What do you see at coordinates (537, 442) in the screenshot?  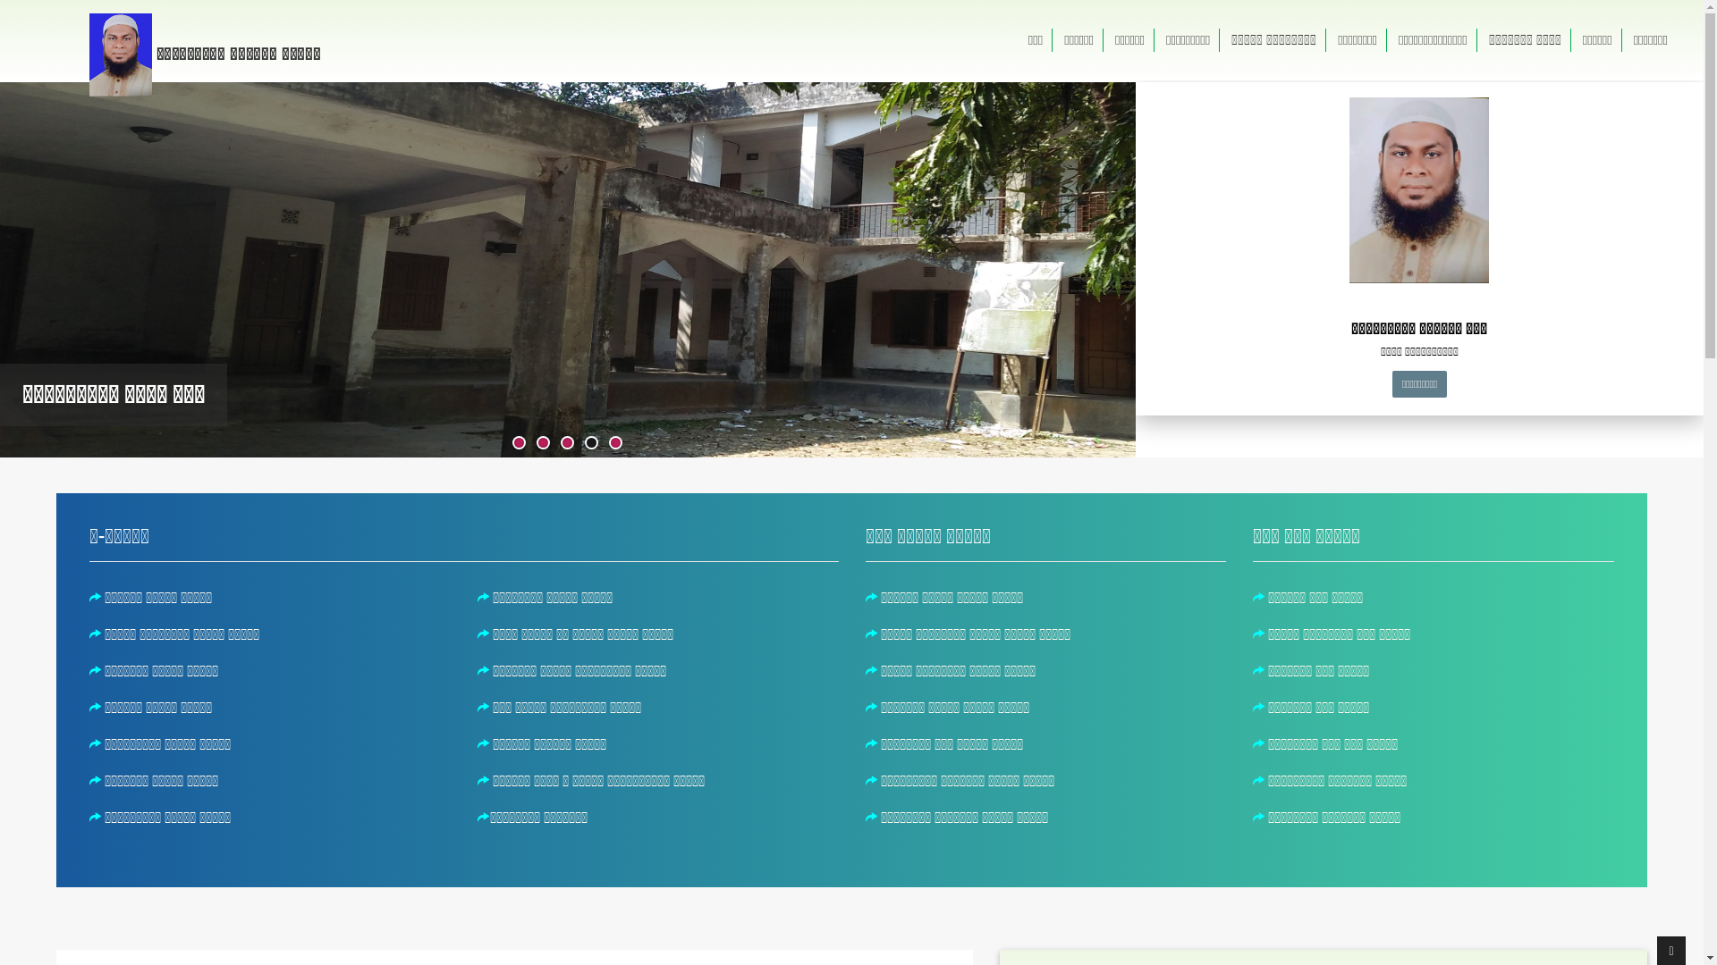 I see `'2'` at bounding box center [537, 442].